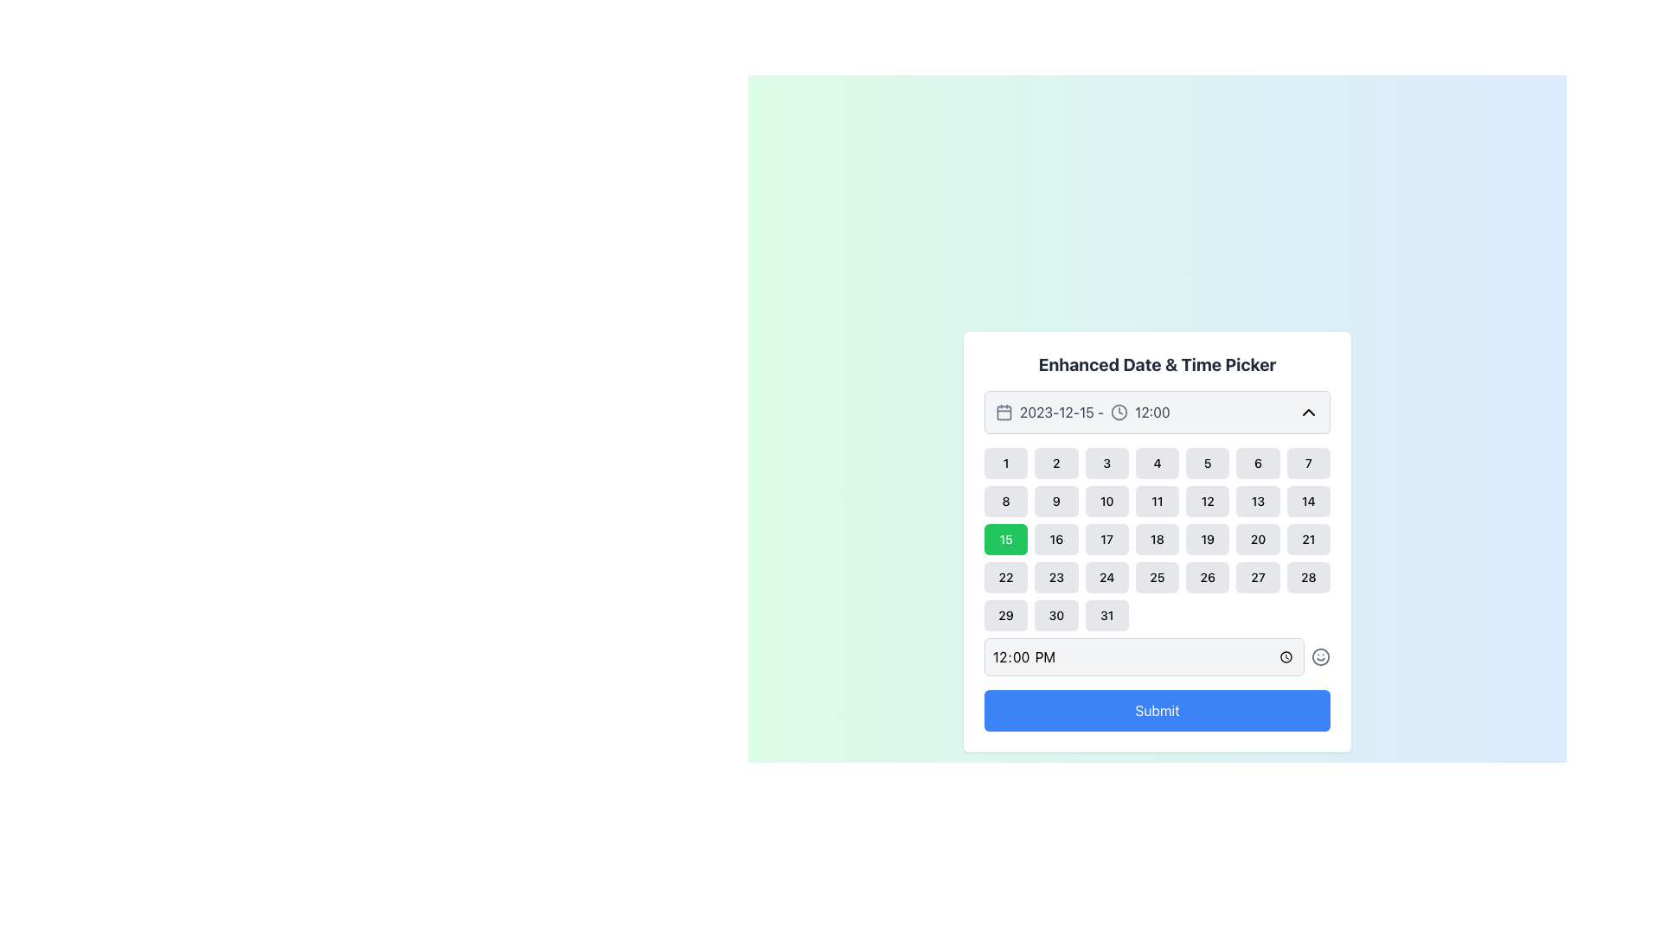 The image size is (1661, 934). What do you see at coordinates (1308, 413) in the screenshot?
I see `the chevron-up icon button located in the top-right corner of the date and time picker` at bounding box center [1308, 413].